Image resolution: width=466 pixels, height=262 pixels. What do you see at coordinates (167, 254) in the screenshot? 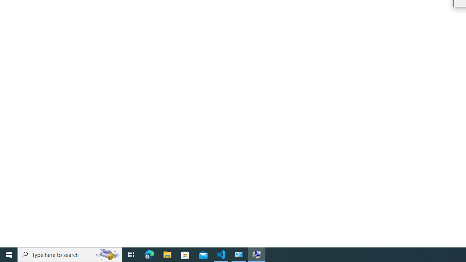
I see `'File Explorer'` at bounding box center [167, 254].